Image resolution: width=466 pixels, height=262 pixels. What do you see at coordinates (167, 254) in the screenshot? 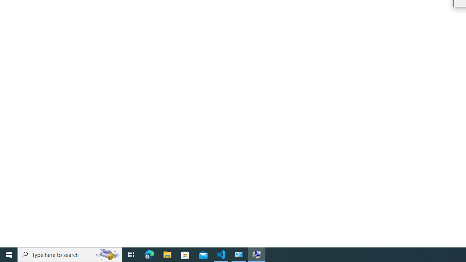
I see `'File Explorer'` at bounding box center [167, 254].